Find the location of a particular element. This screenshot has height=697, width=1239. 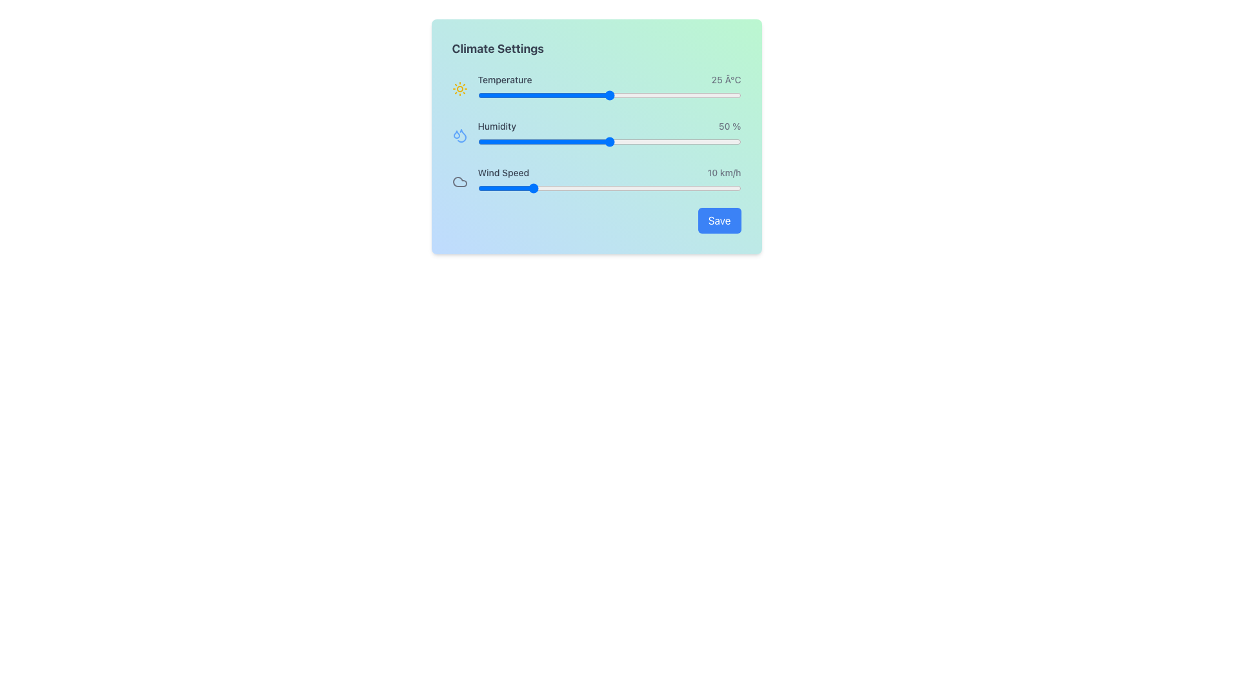

wind speed is located at coordinates (487, 188).